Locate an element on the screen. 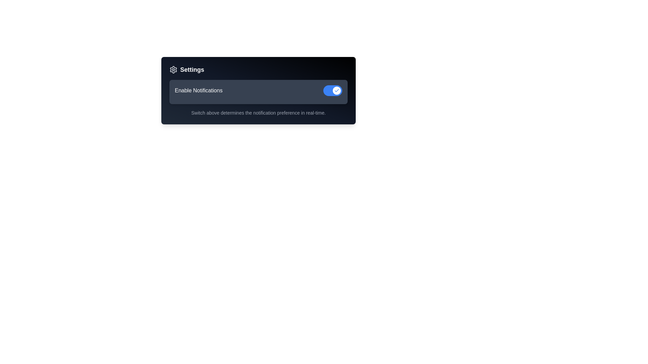 The width and height of the screenshot is (648, 364). the 'Settings' text heading with the gear icon located at the top left corner of the panel by moving the cursor to its center point is located at coordinates (258, 70).